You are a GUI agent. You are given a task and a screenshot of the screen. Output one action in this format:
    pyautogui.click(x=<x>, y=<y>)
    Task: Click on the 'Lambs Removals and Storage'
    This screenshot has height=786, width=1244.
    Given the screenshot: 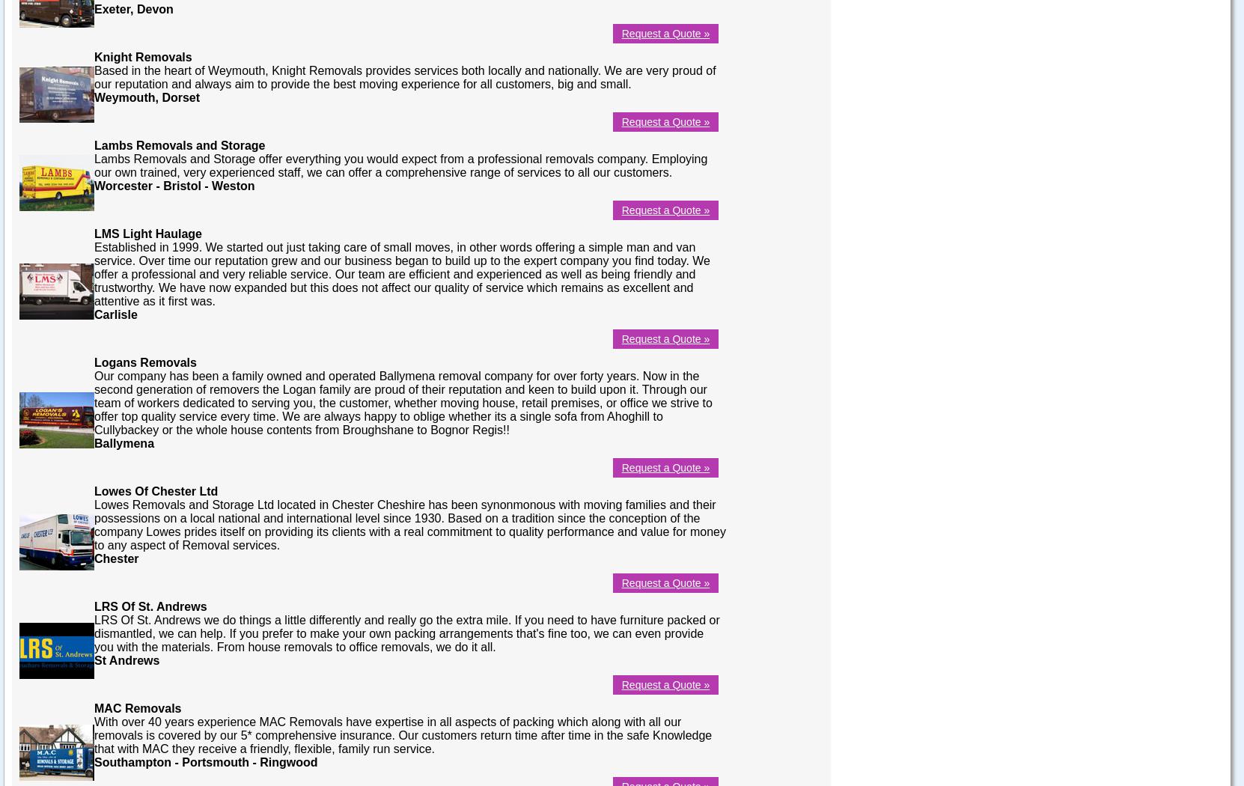 What is the action you would take?
    pyautogui.click(x=178, y=144)
    